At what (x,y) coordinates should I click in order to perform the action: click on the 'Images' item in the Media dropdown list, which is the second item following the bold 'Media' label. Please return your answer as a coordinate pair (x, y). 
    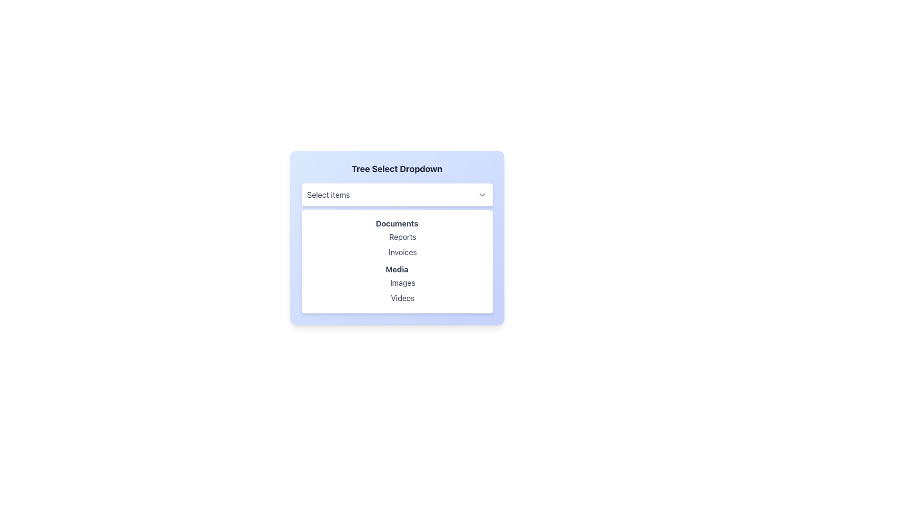
    Looking at the image, I should click on (397, 284).